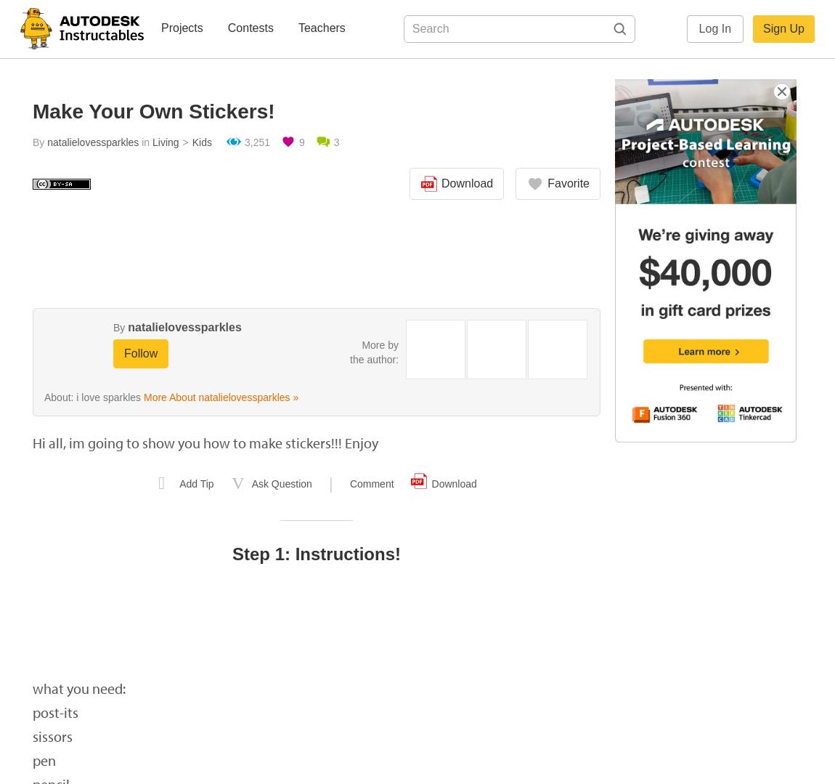  Describe the element at coordinates (281, 483) in the screenshot. I see `'Ask Question'` at that location.